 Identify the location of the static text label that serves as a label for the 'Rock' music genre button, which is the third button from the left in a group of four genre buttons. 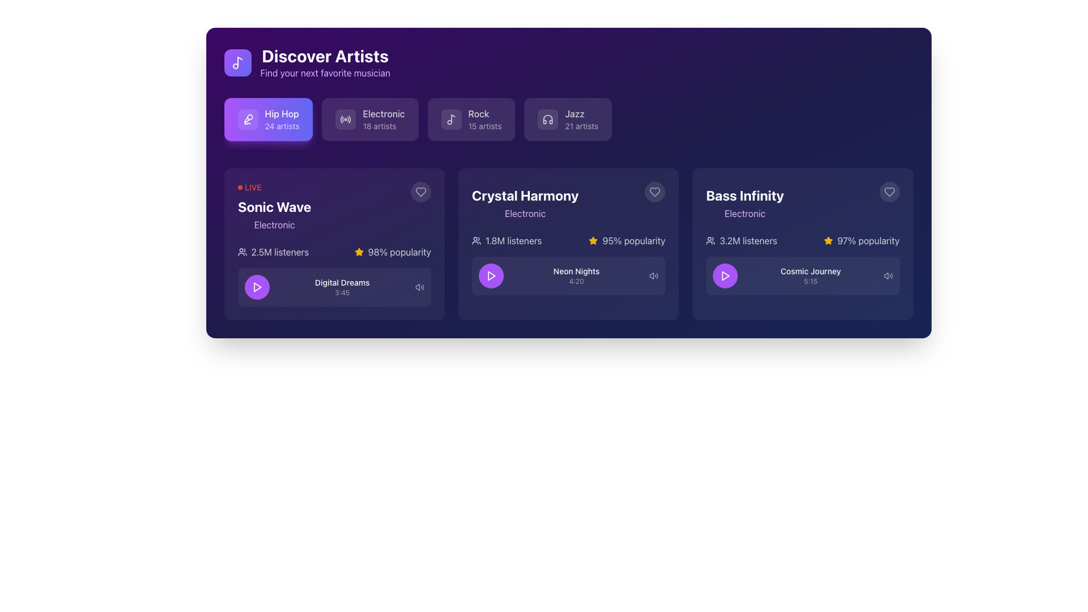
(484, 113).